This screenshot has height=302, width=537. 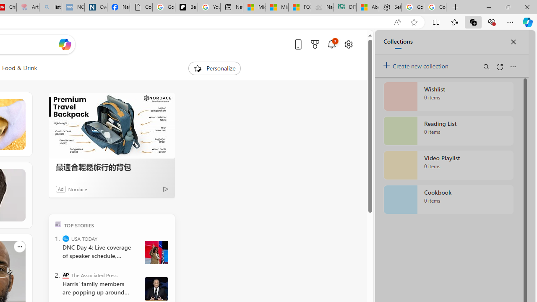 I want to click on 'FOX News - MSN', so click(x=300, y=7).